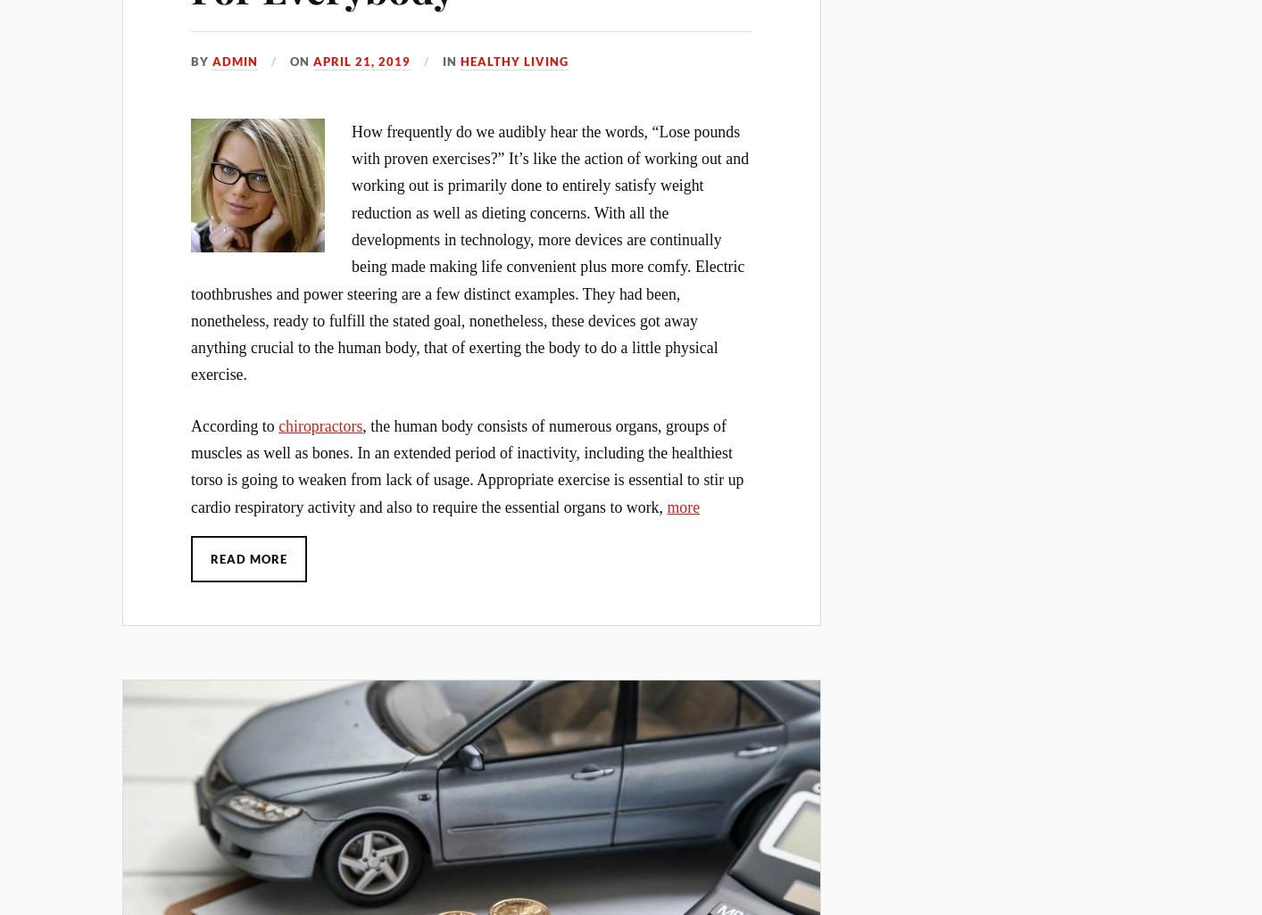 Image resolution: width=1262 pixels, height=915 pixels. I want to click on 'On', so click(300, 61).